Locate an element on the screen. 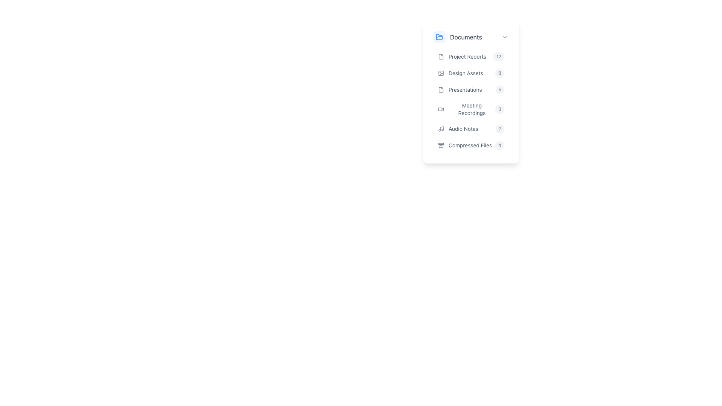 The image size is (722, 406). the navigation item for 'Design Assets' located in the vertical list under the 'Documents' section is located at coordinates (470, 73).